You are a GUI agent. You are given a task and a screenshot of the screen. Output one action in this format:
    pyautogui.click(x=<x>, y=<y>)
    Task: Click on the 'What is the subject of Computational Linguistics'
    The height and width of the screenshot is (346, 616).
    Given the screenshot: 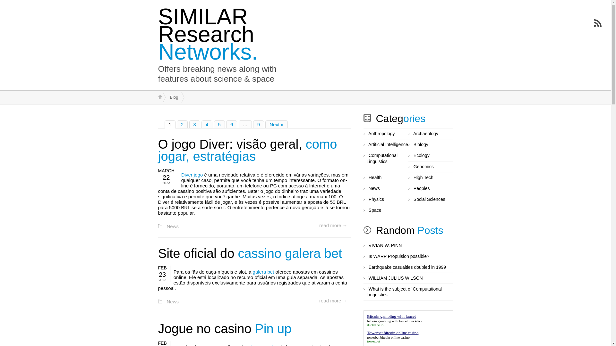 What is the action you would take?
    pyautogui.click(x=403, y=292)
    